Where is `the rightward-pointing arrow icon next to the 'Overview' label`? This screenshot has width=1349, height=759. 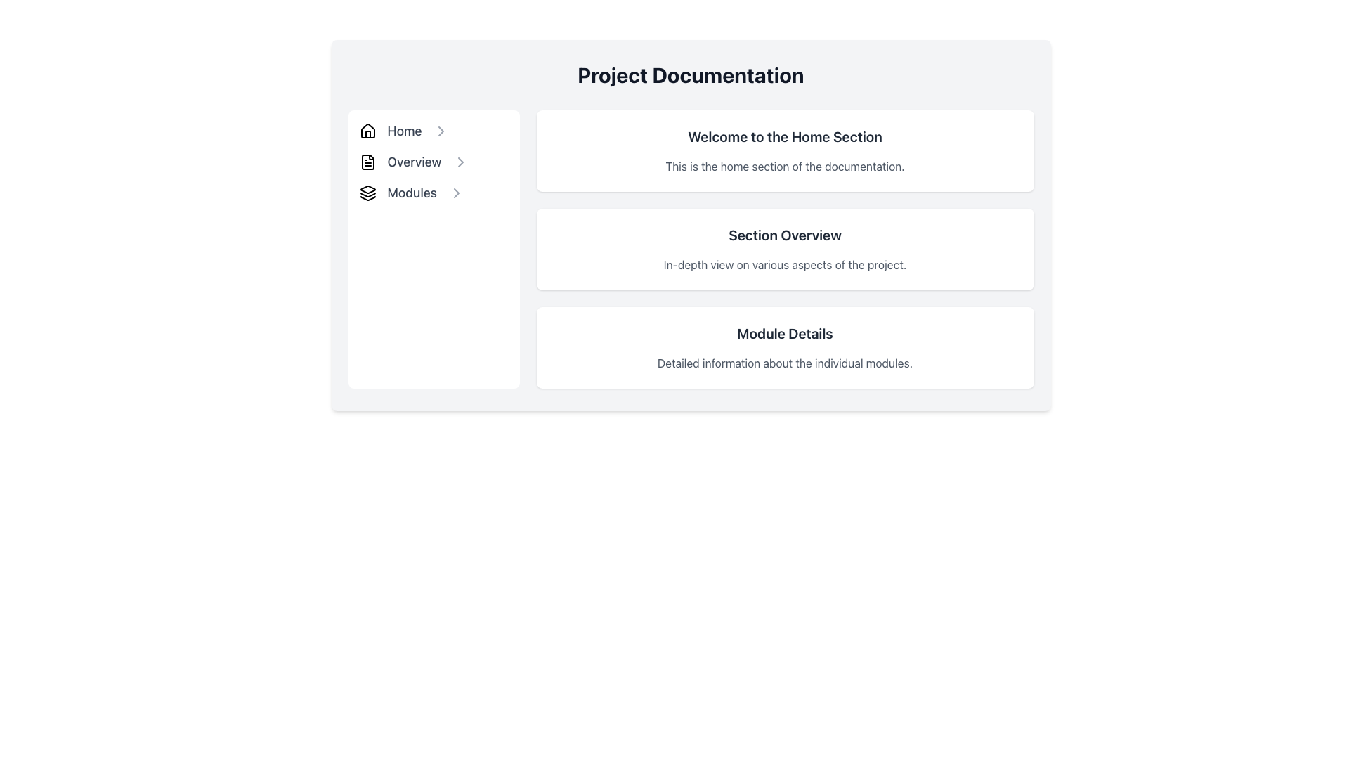 the rightward-pointing arrow icon next to the 'Overview' label is located at coordinates (461, 162).